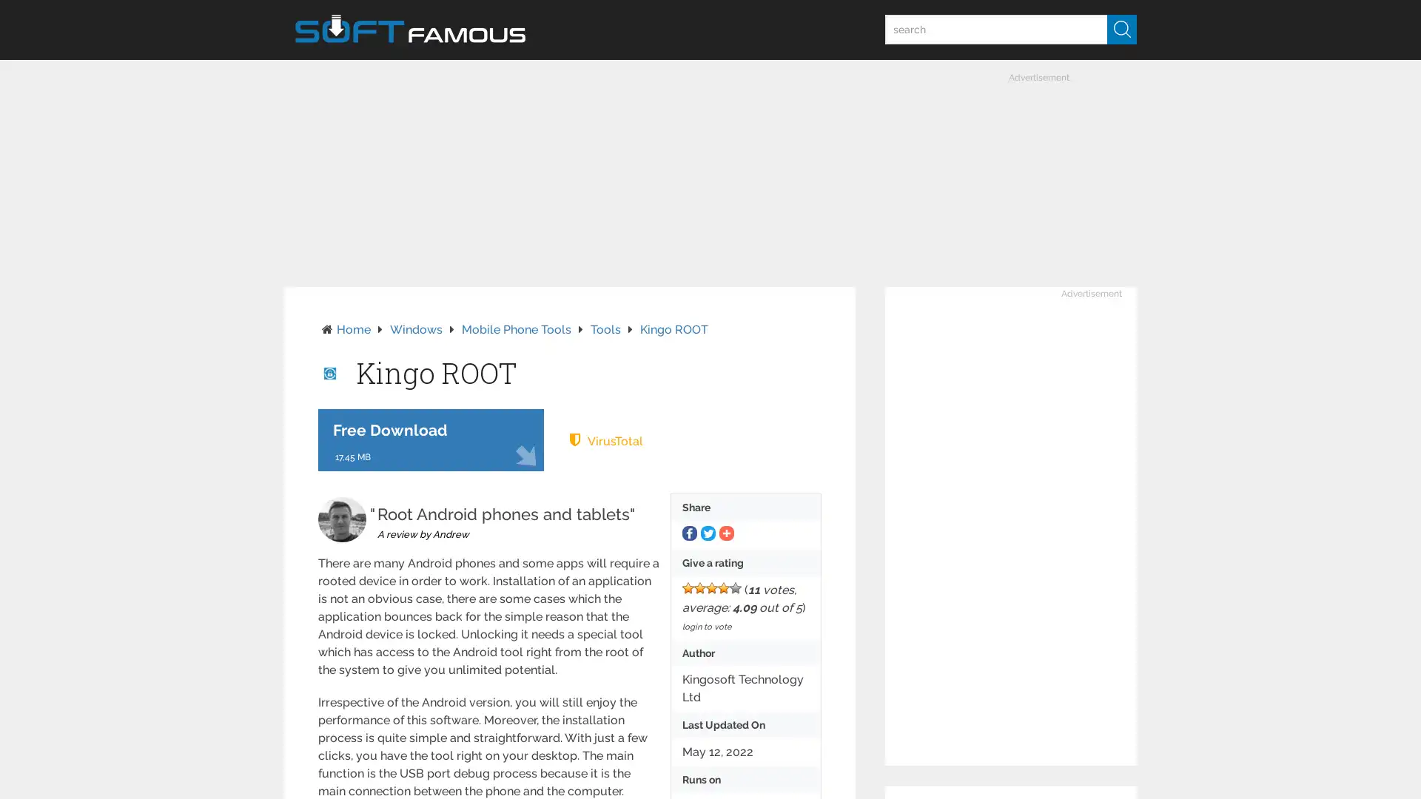 Image resolution: width=1421 pixels, height=799 pixels. I want to click on Share to Facebook, so click(688, 533).